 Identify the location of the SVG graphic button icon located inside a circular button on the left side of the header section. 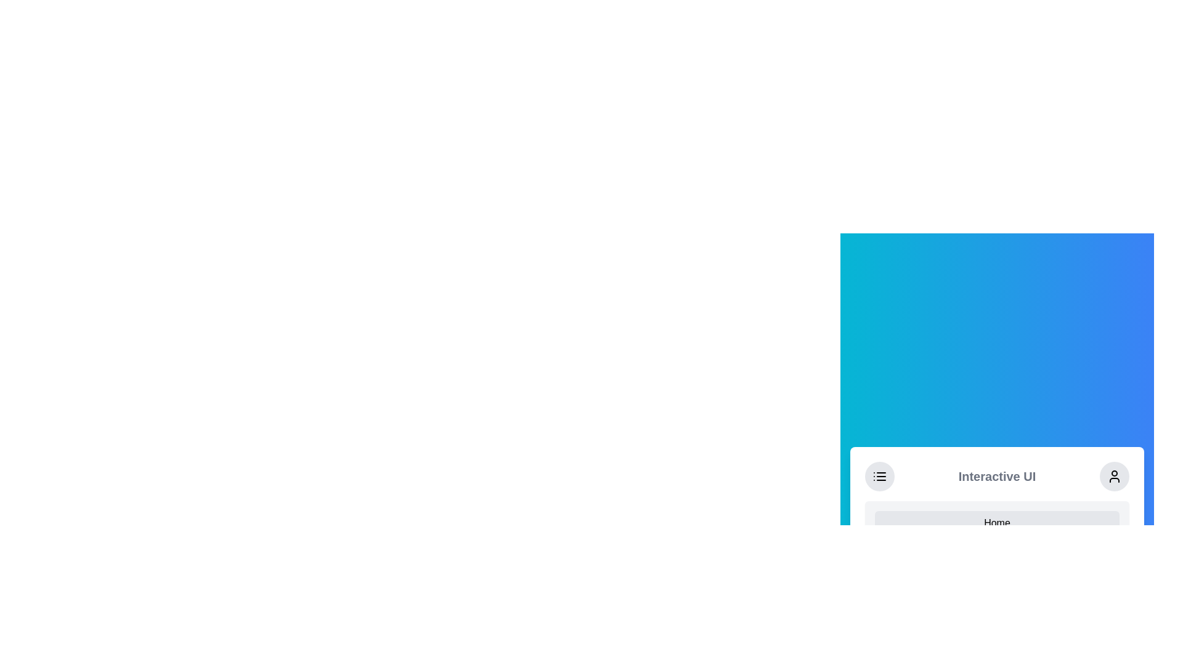
(879, 476).